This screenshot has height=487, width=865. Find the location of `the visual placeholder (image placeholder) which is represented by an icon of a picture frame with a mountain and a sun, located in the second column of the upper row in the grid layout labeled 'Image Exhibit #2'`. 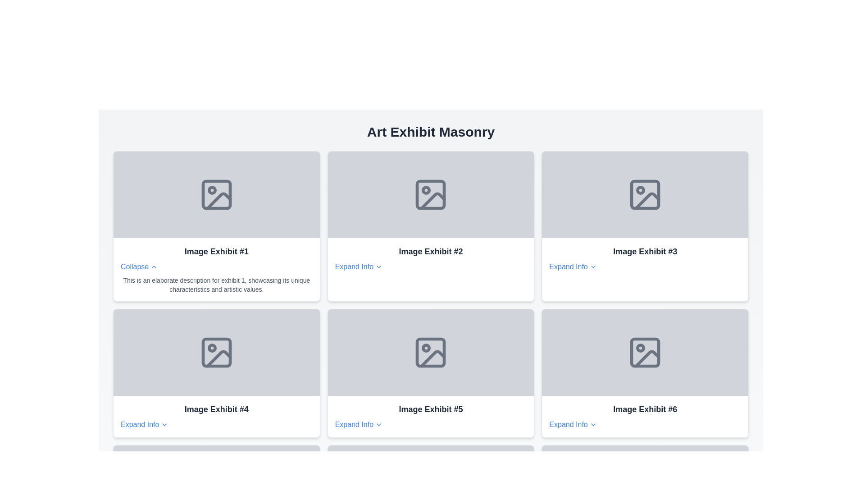

the visual placeholder (image placeholder) which is represented by an icon of a picture frame with a mountain and a sun, located in the second column of the upper row in the grid layout labeled 'Image Exhibit #2' is located at coordinates (430, 194).